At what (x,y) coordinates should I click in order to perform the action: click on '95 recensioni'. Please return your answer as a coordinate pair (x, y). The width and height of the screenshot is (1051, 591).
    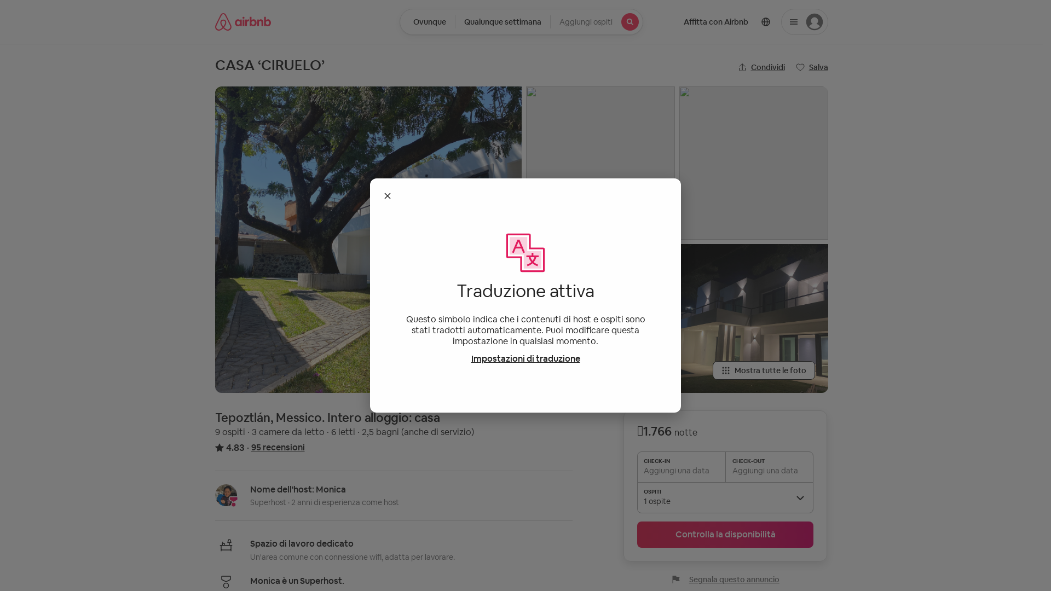
    Looking at the image, I should click on (278, 447).